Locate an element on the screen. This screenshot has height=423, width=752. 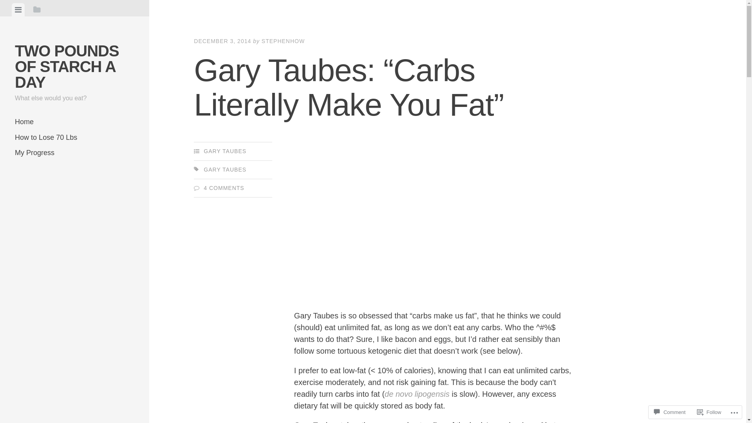
'4 COMMENTS' is located at coordinates (223, 188).